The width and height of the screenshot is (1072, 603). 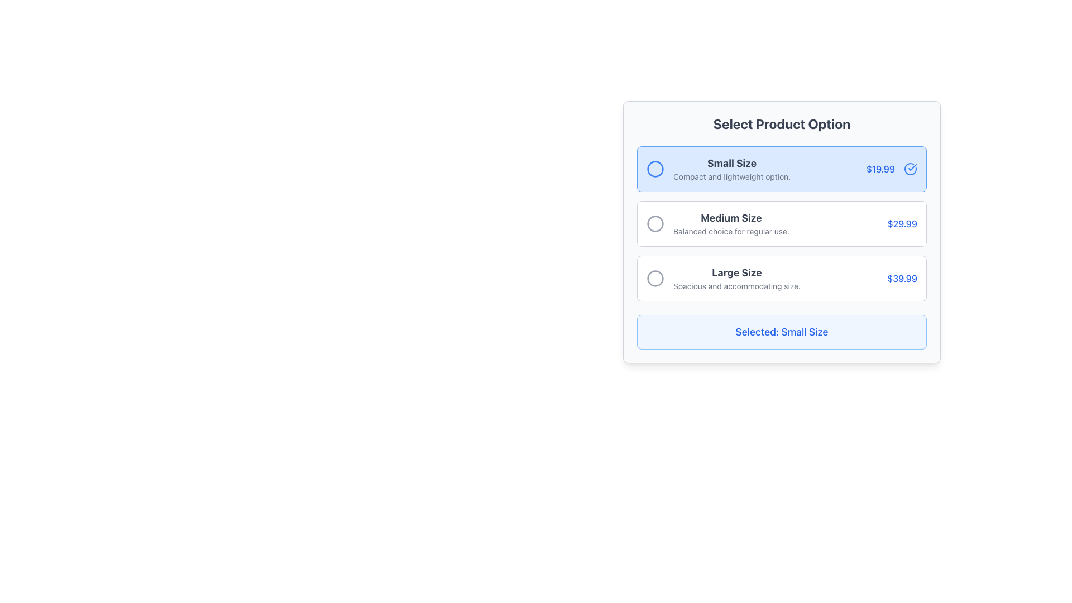 What do you see at coordinates (731, 218) in the screenshot?
I see `the 'Medium Size' text label, which is styled in bold, large, dark gray font and serves as a title within the size options section` at bounding box center [731, 218].